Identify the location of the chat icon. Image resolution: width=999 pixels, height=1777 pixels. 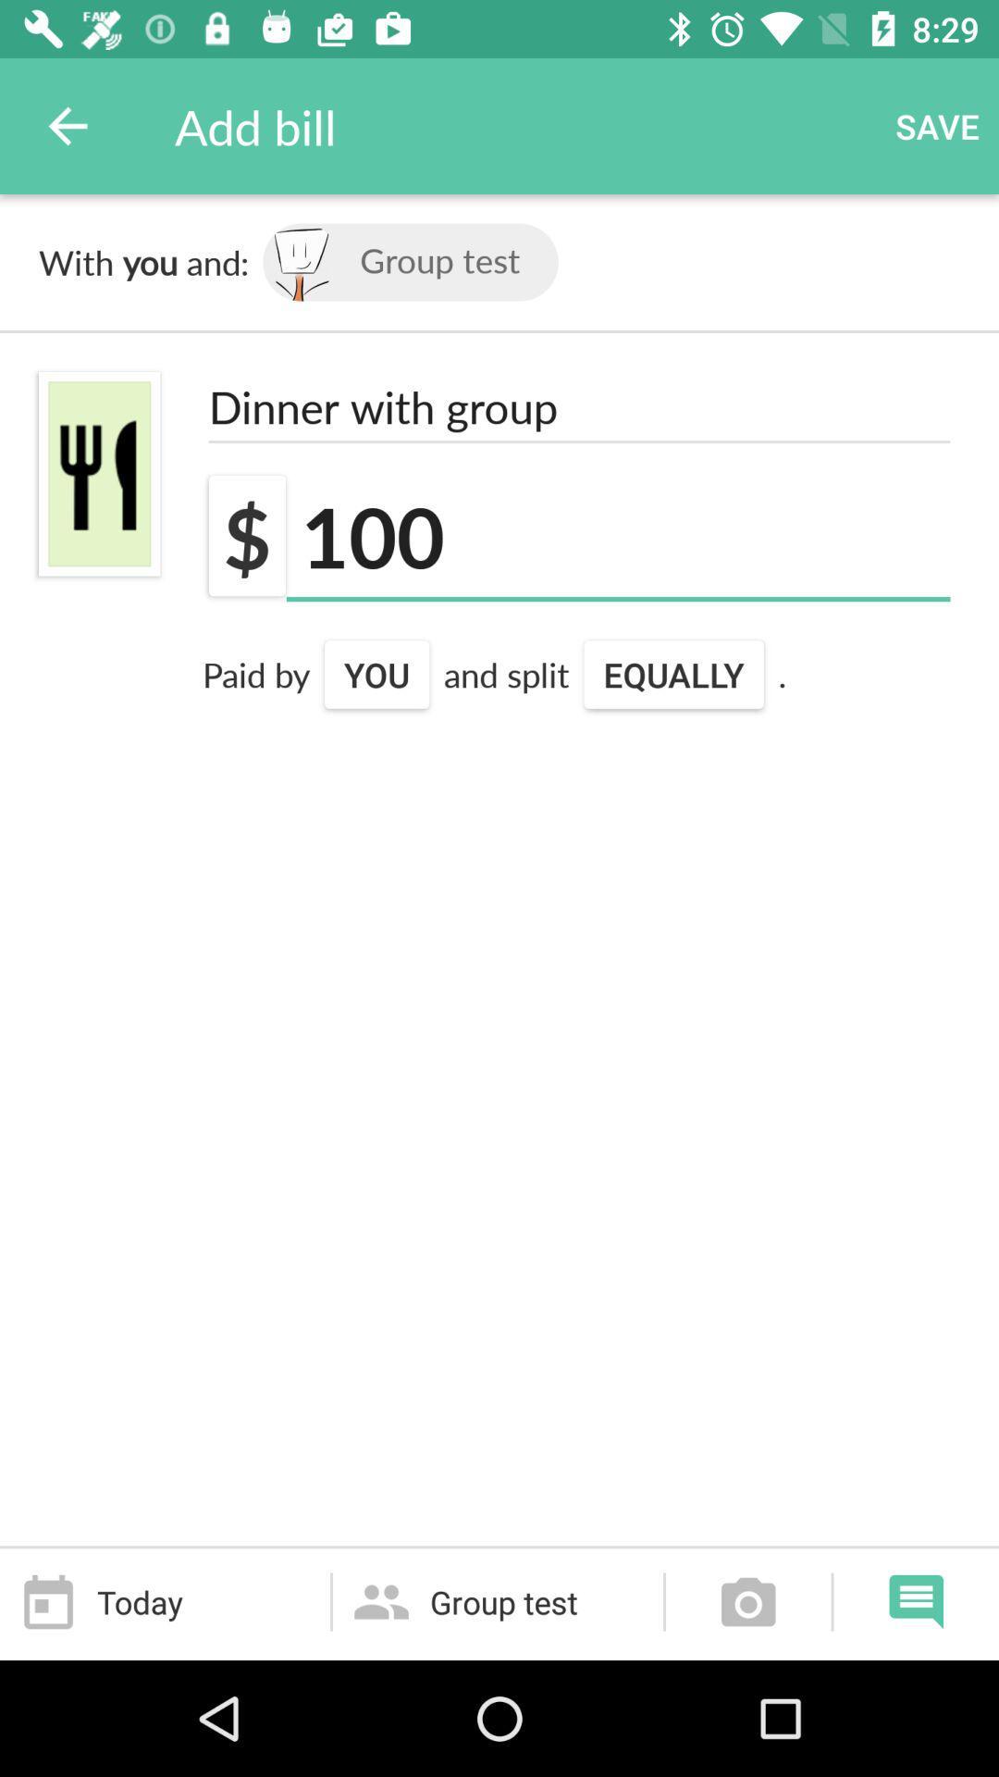
(916, 1601).